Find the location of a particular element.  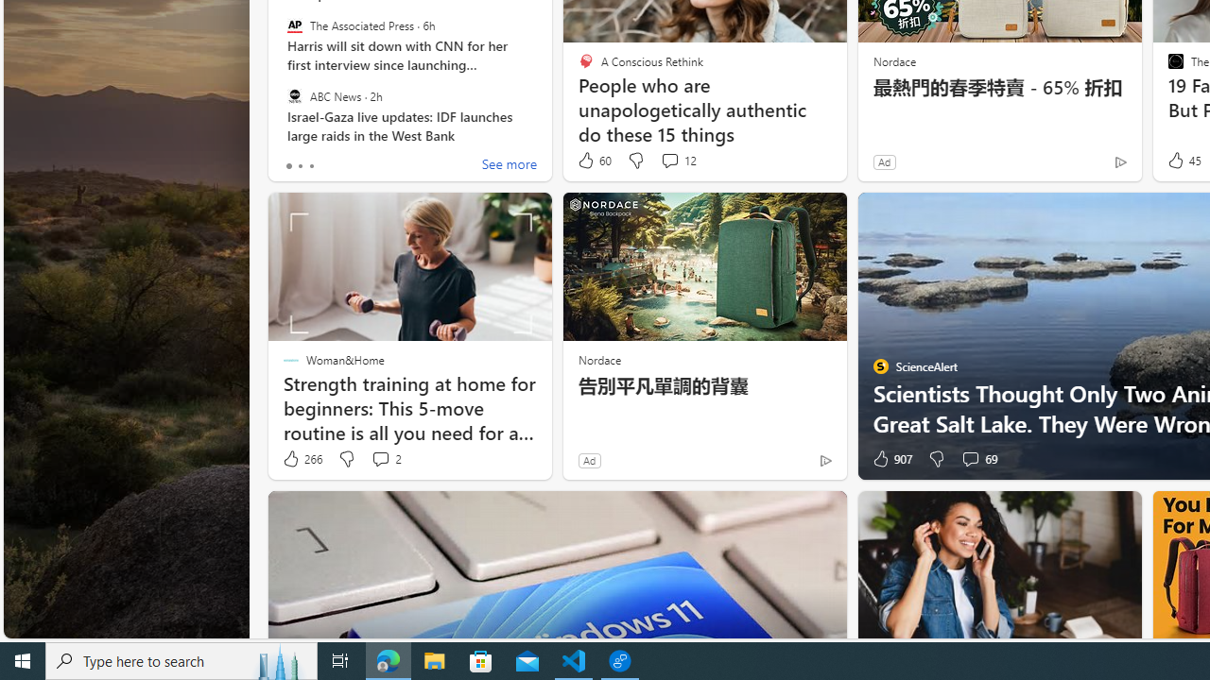

'tab-1' is located at coordinates (299, 165).